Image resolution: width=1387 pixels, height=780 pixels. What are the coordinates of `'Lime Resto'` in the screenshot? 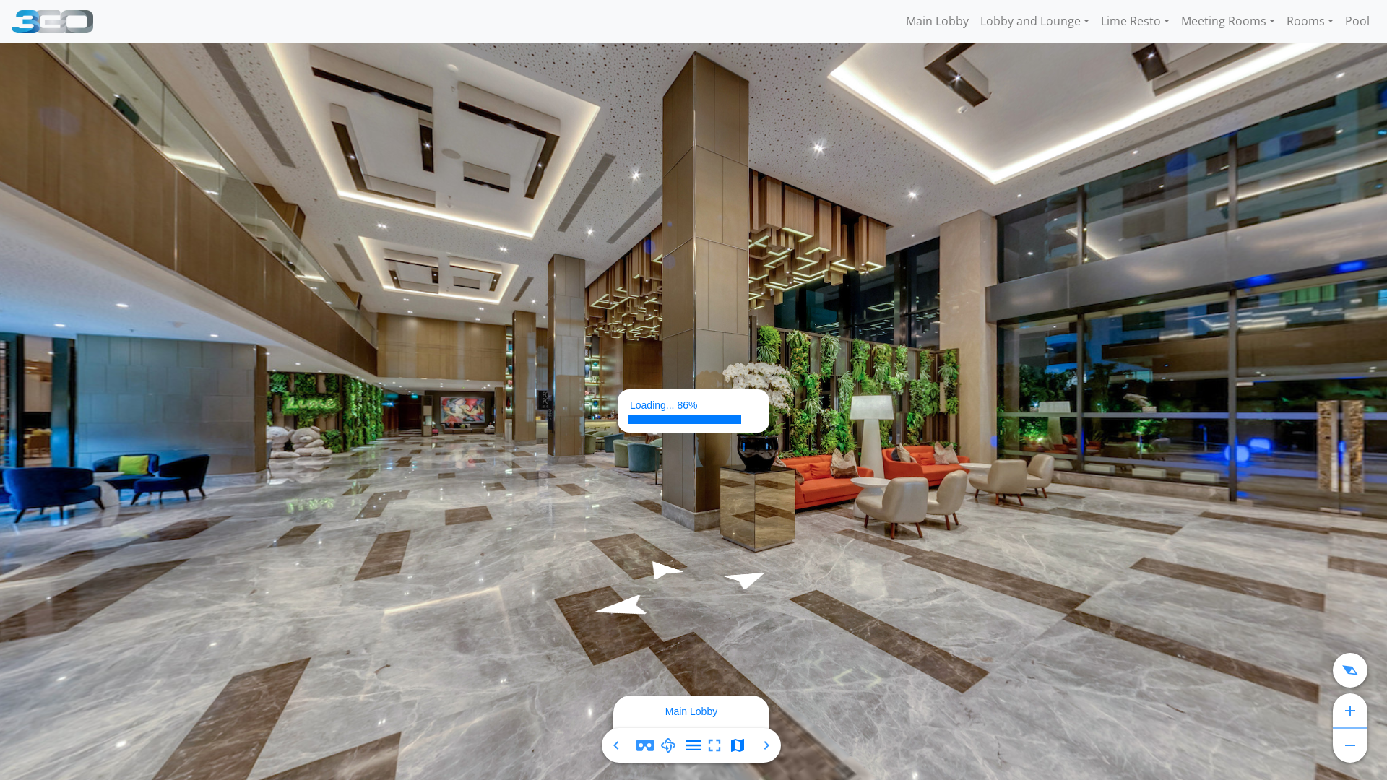 It's located at (1095, 21).